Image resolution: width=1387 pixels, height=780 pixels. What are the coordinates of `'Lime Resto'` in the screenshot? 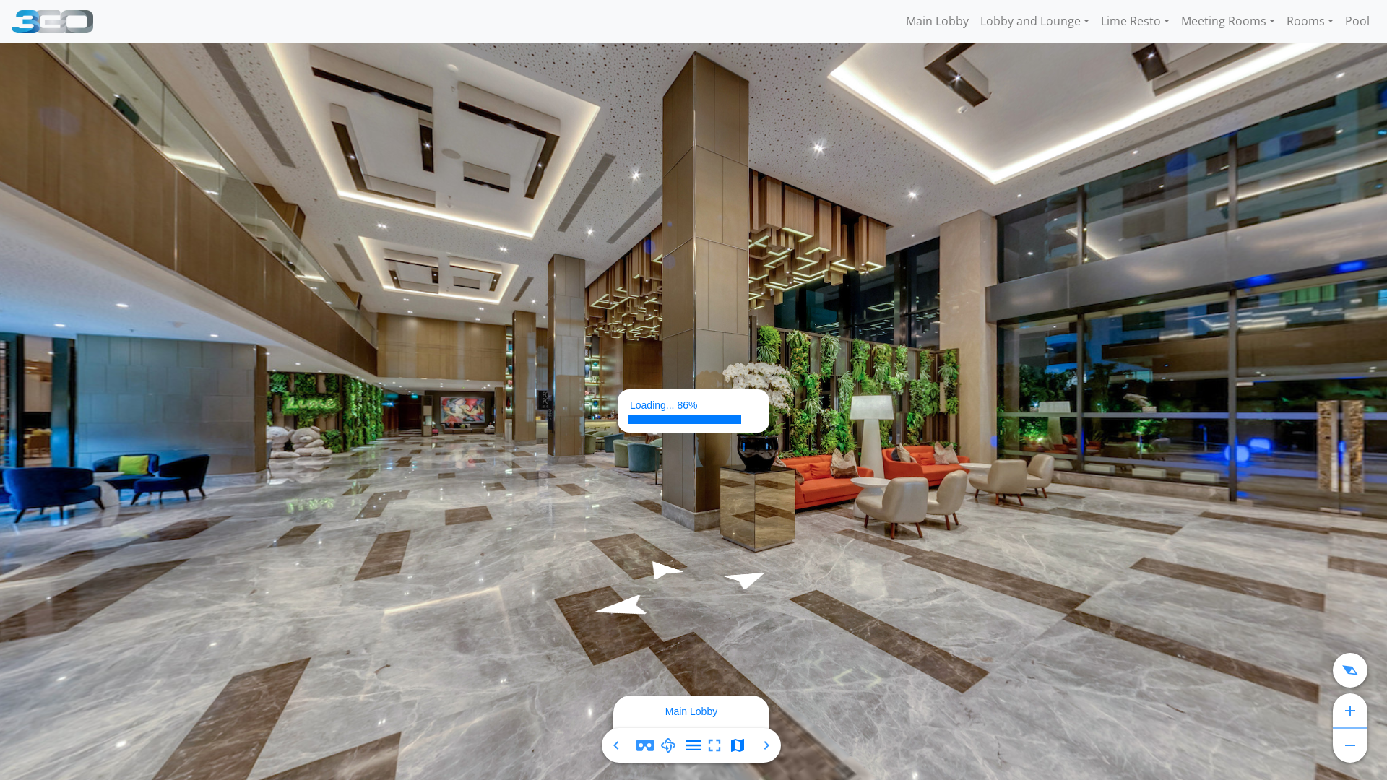 It's located at (1095, 21).